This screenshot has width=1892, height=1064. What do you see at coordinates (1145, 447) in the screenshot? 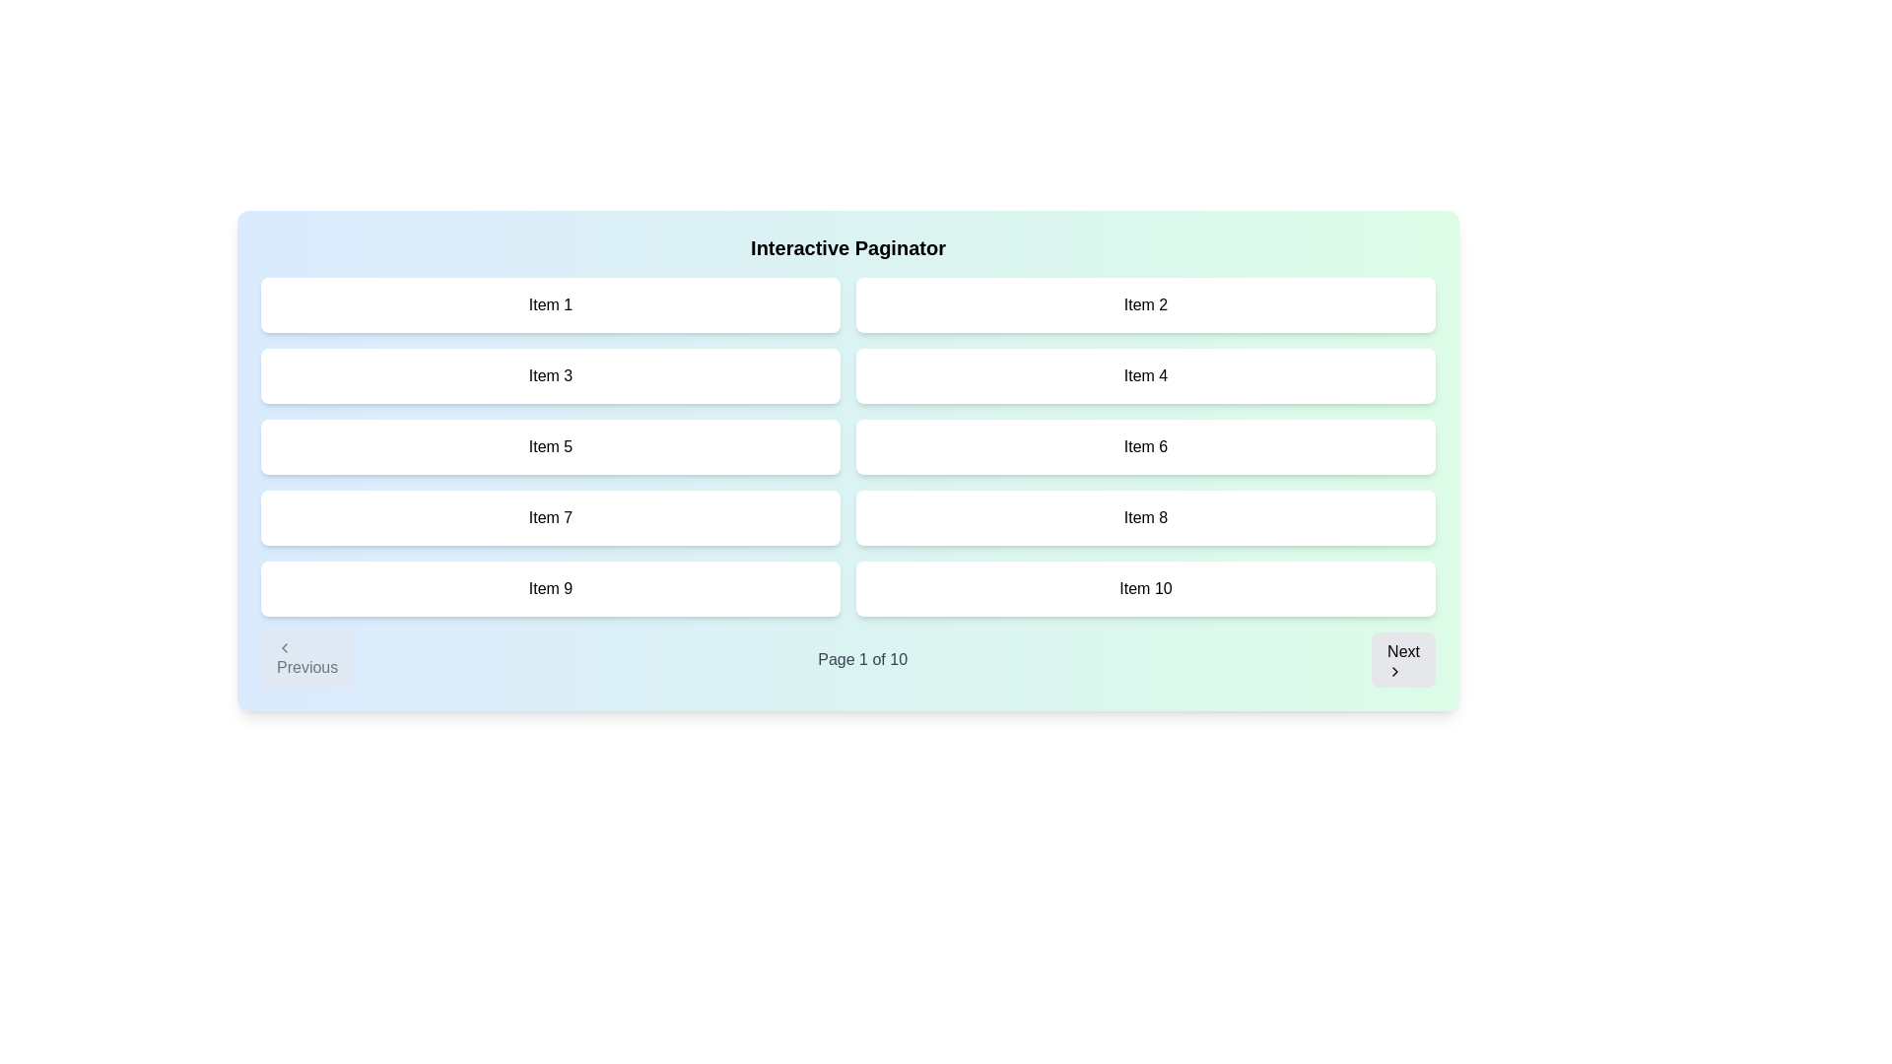
I see `the text element displaying 'Item 6', which is located in the second column of a two-column grid layout, specifically in the third row, positioned directly below 'Item 4' and above 'Item 8'` at bounding box center [1145, 447].